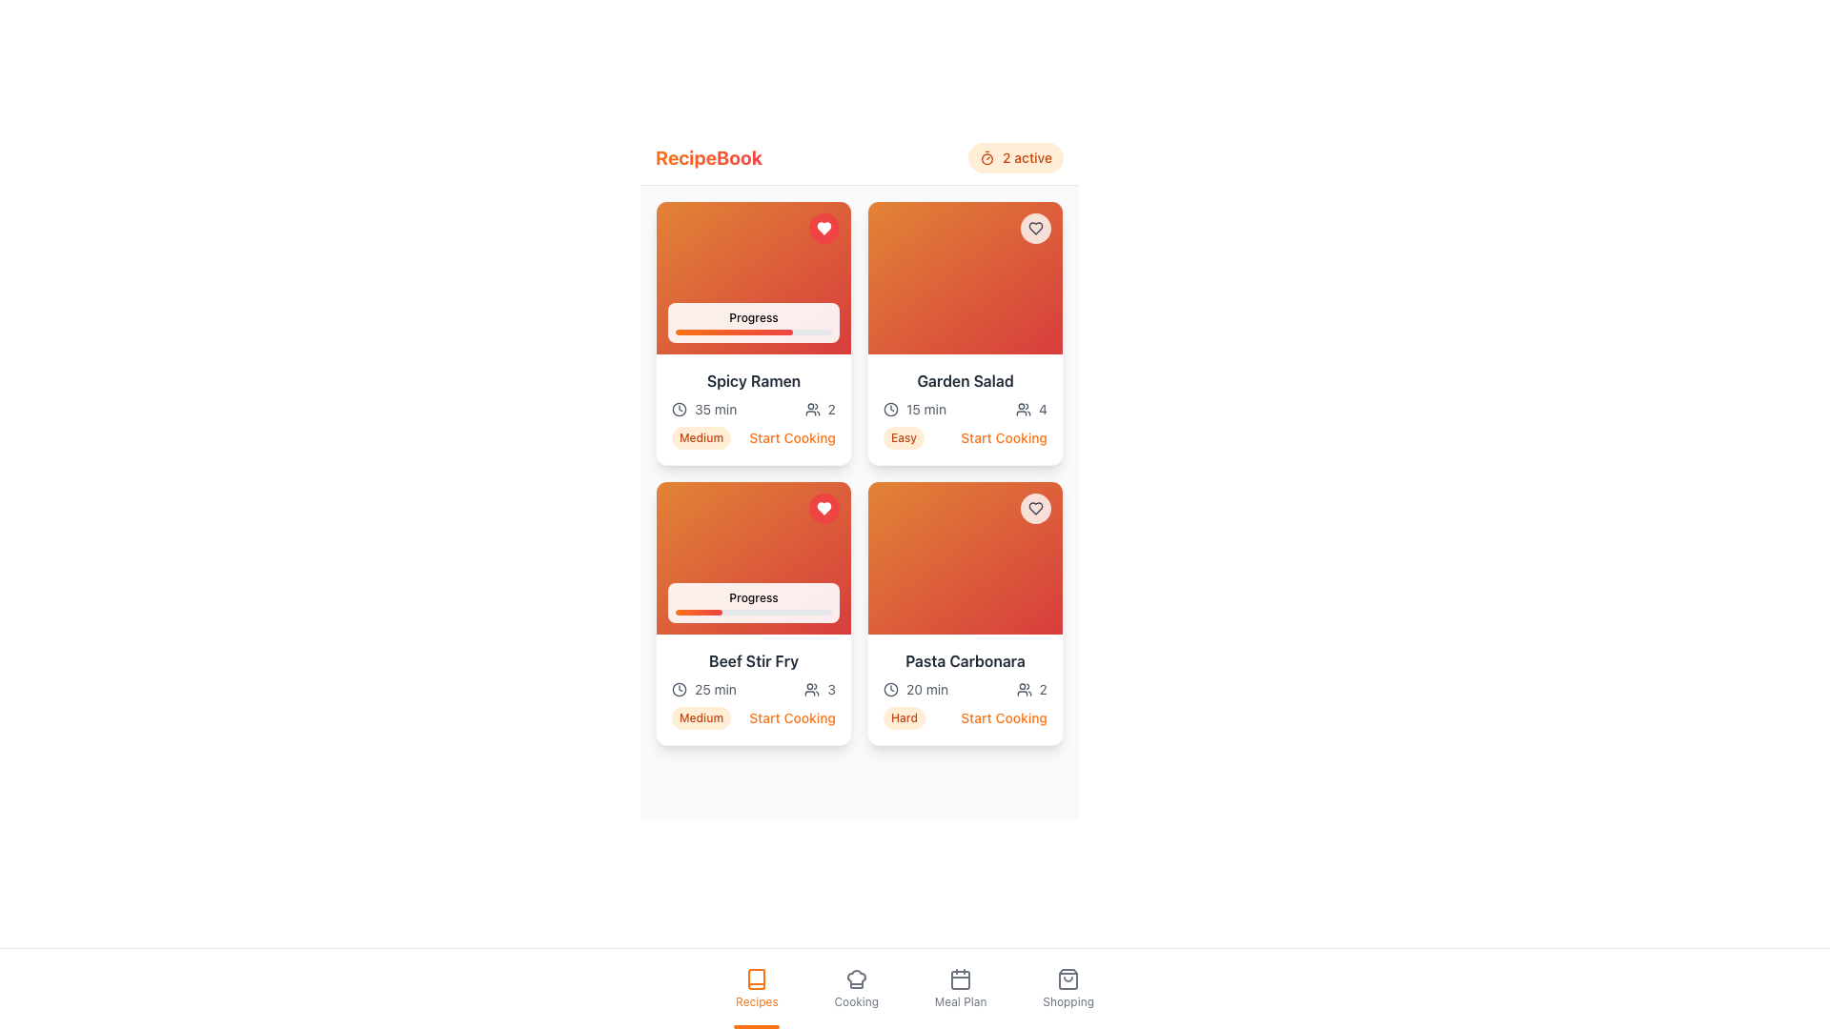 This screenshot has height=1029, width=1830. Describe the element at coordinates (1023, 690) in the screenshot. I see `the user count icon, which visually indicates the number of active users or items, located to the left of the '2' text in the top section of the interface` at that location.